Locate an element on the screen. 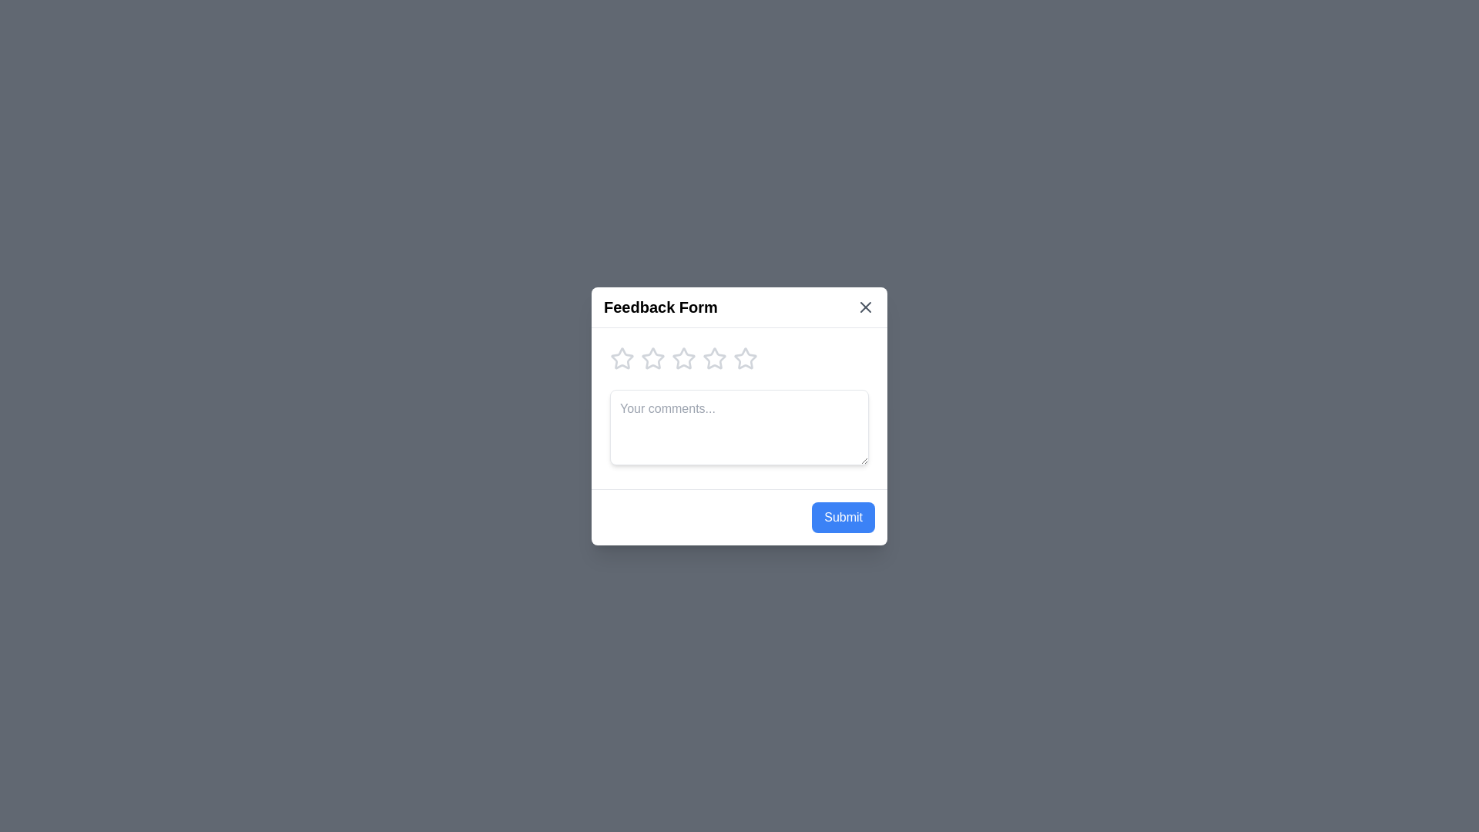  the Submit button to submit the feedback is located at coordinates (842, 517).